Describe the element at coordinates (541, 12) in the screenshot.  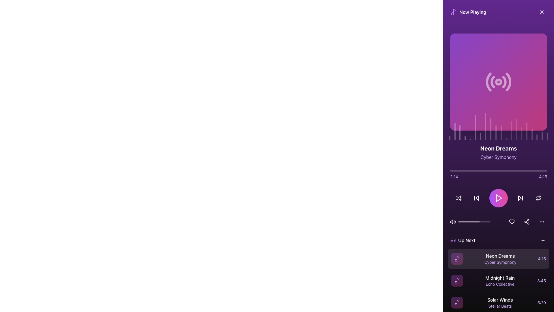
I see `the close icon represented by a diagonal cross in the top right corner of the application` at that location.